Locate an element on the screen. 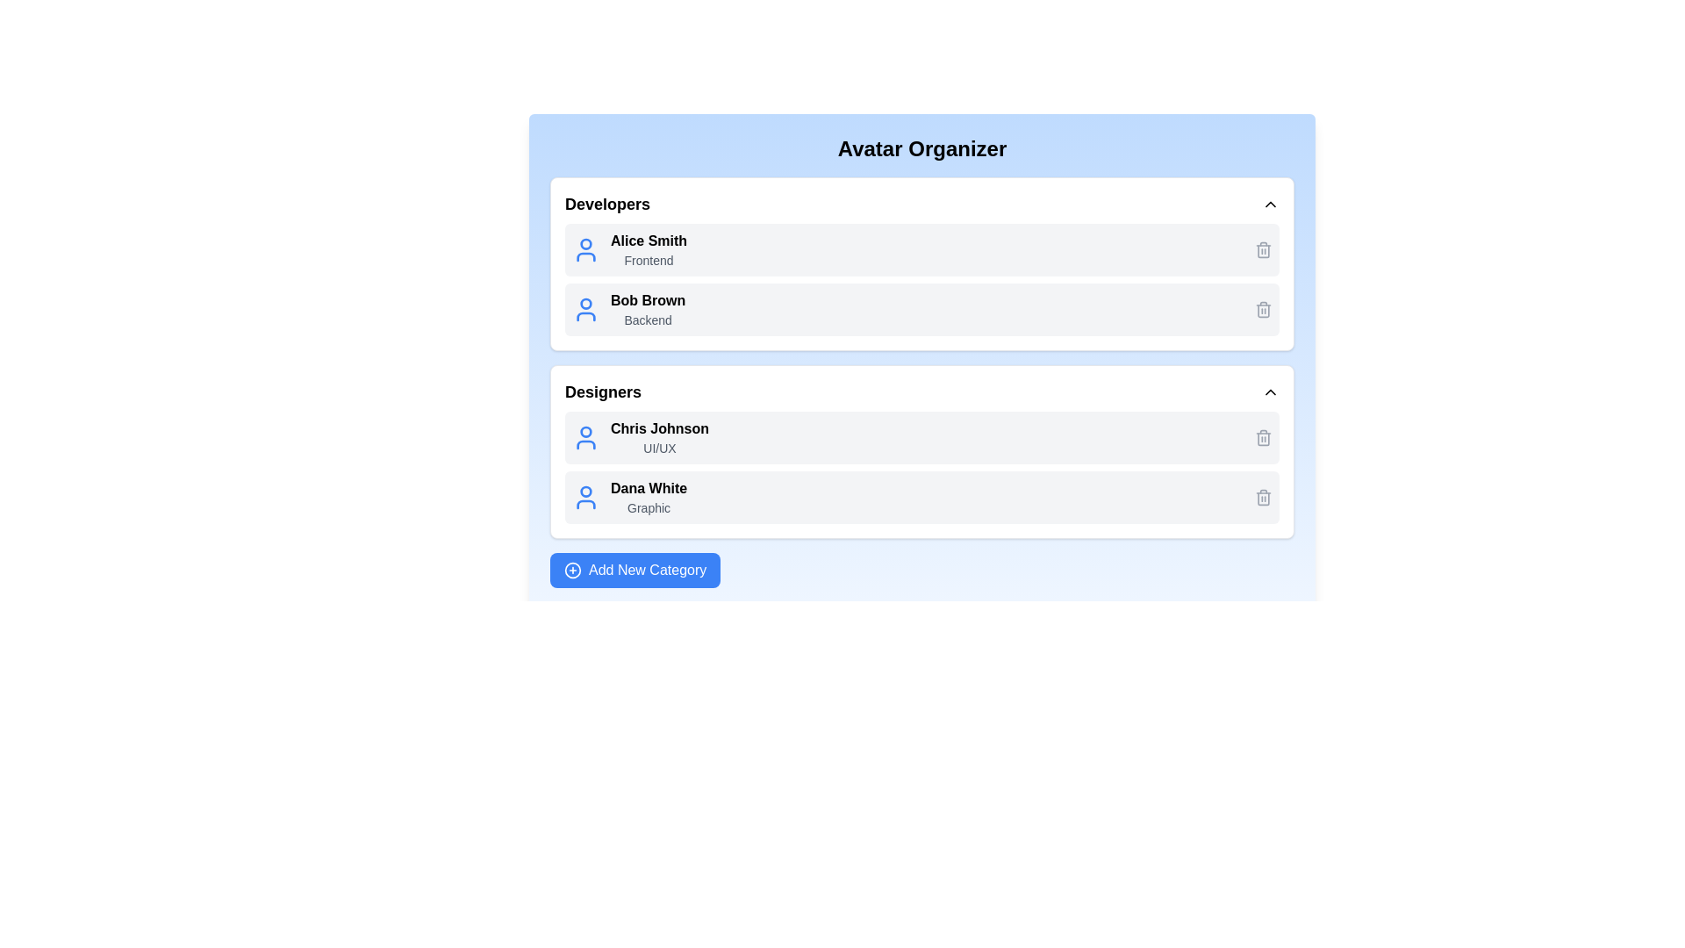  the text label displaying 'Chris Johnson', which is styled in a bold font and located in the 'Designers' section, positioned to the right of an avatar icon and above the text 'UI/UX' is located at coordinates (659, 429).